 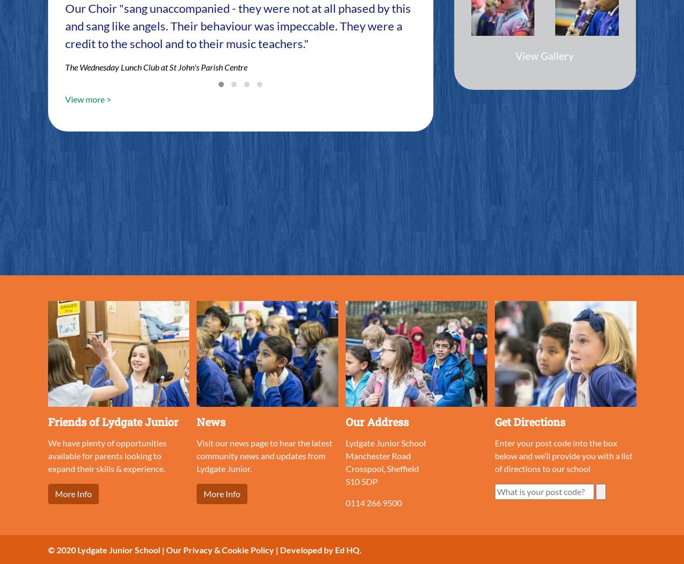 What do you see at coordinates (530, 420) in the screenshot?
I see `'Get Directions'` at bounding box center [530, 420].